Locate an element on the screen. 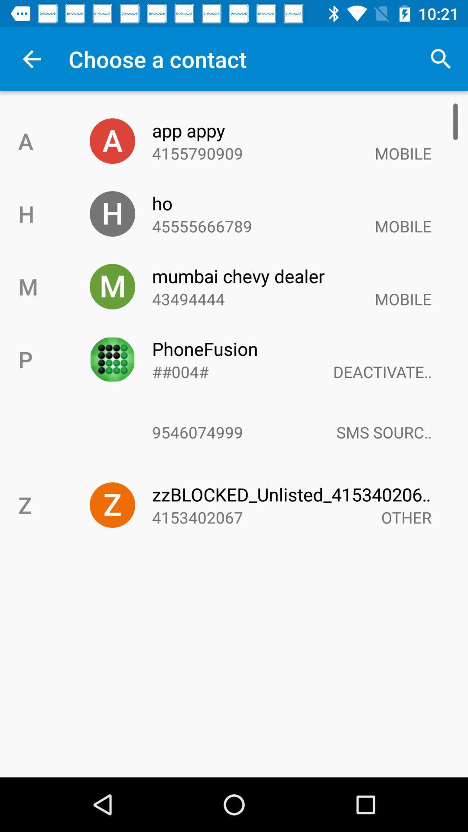  app above the a icon is located at coordinates (31, 58).